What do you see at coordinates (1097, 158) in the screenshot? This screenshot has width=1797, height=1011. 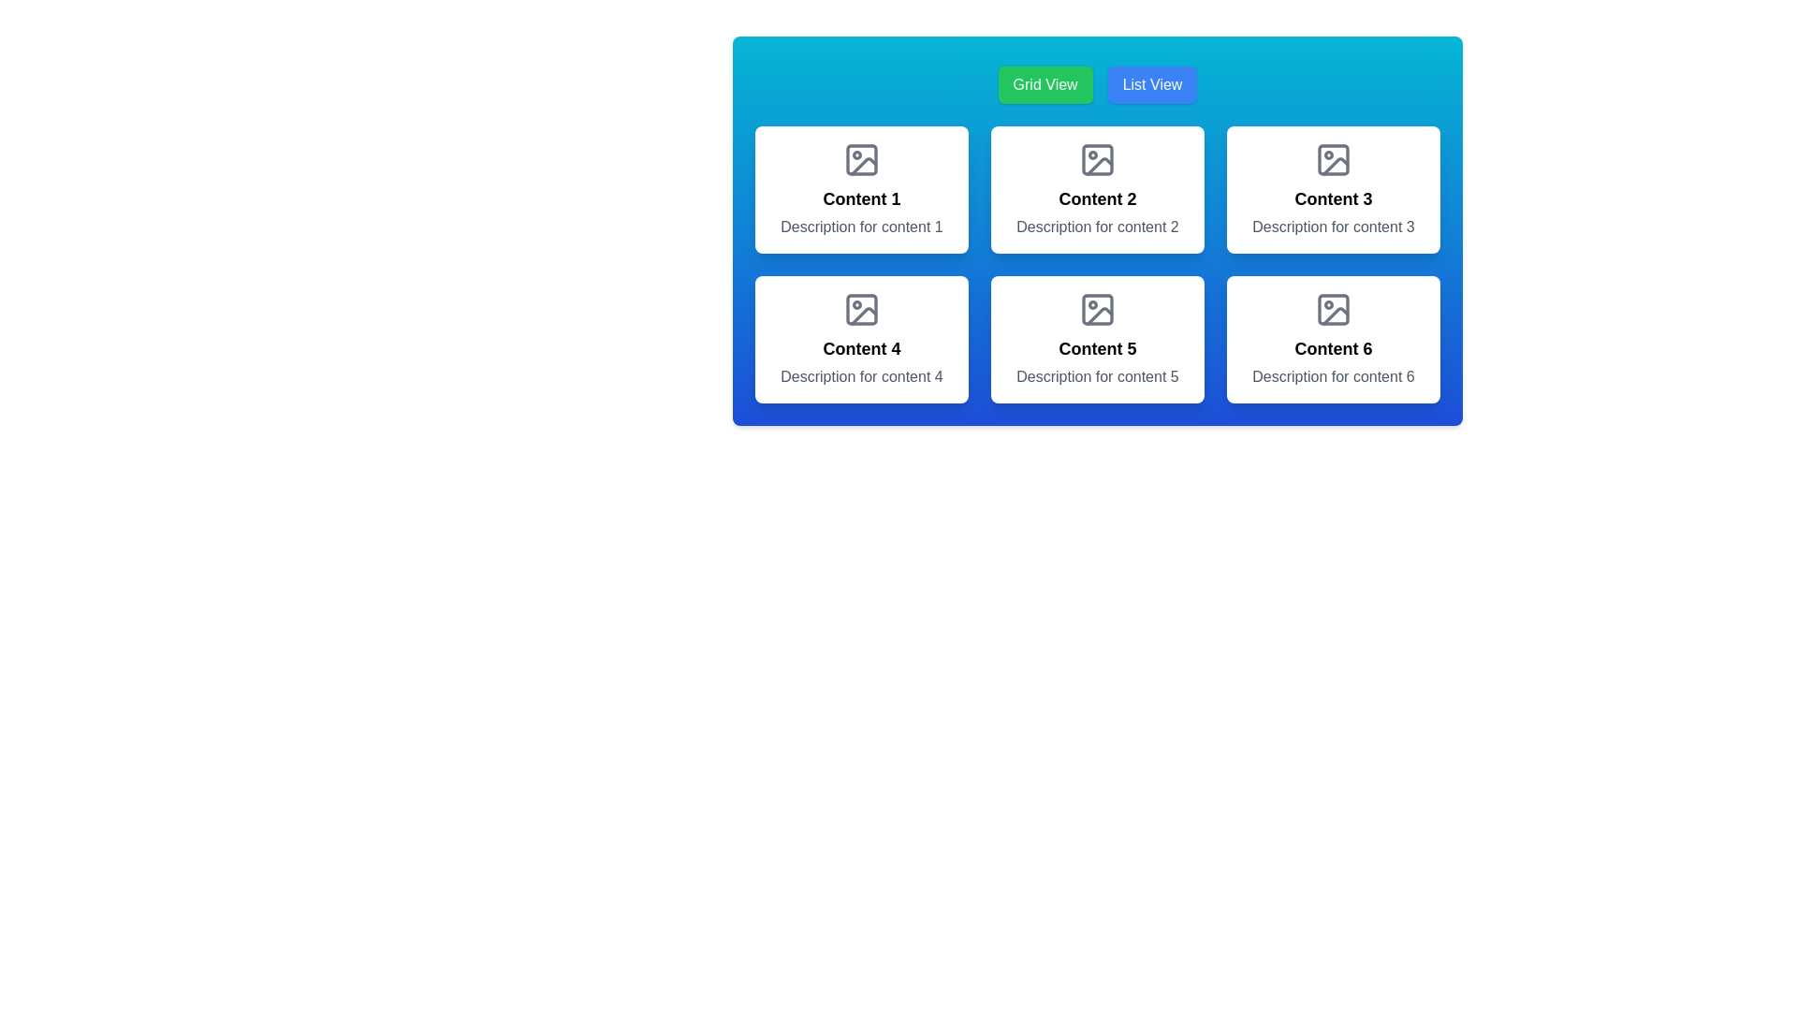 I see `the decorative icon located in the second column of the grid layout, above the text 'Content 2'` at bounding box center [1097, 158].